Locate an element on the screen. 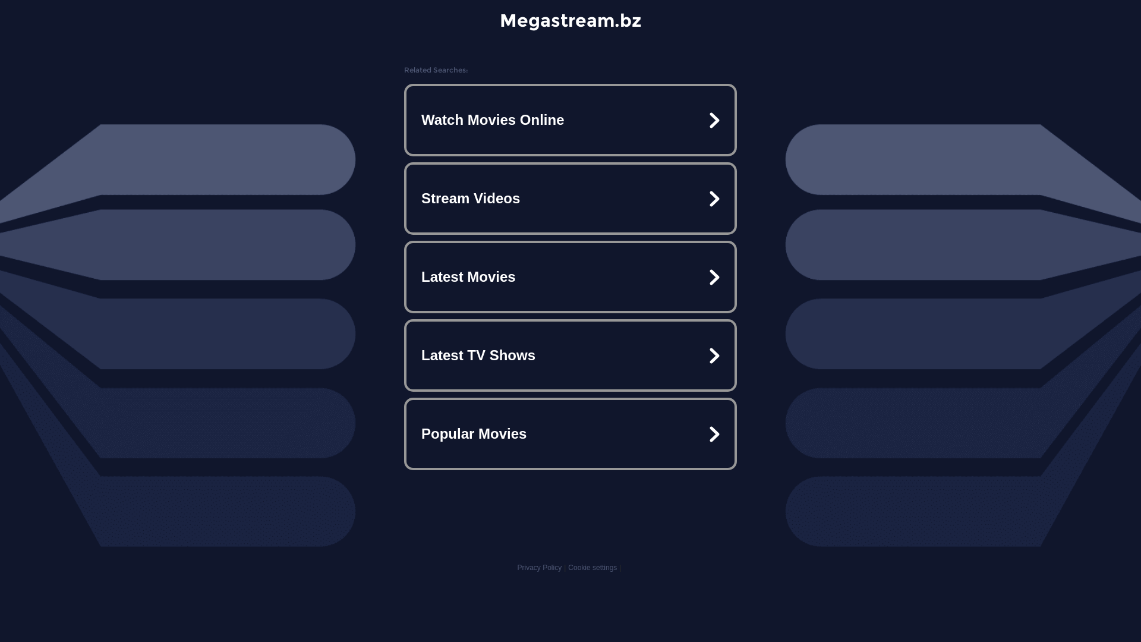 The image size is (1141, 642). 'Watch Movies Online' is located at coordinates (570, 119).